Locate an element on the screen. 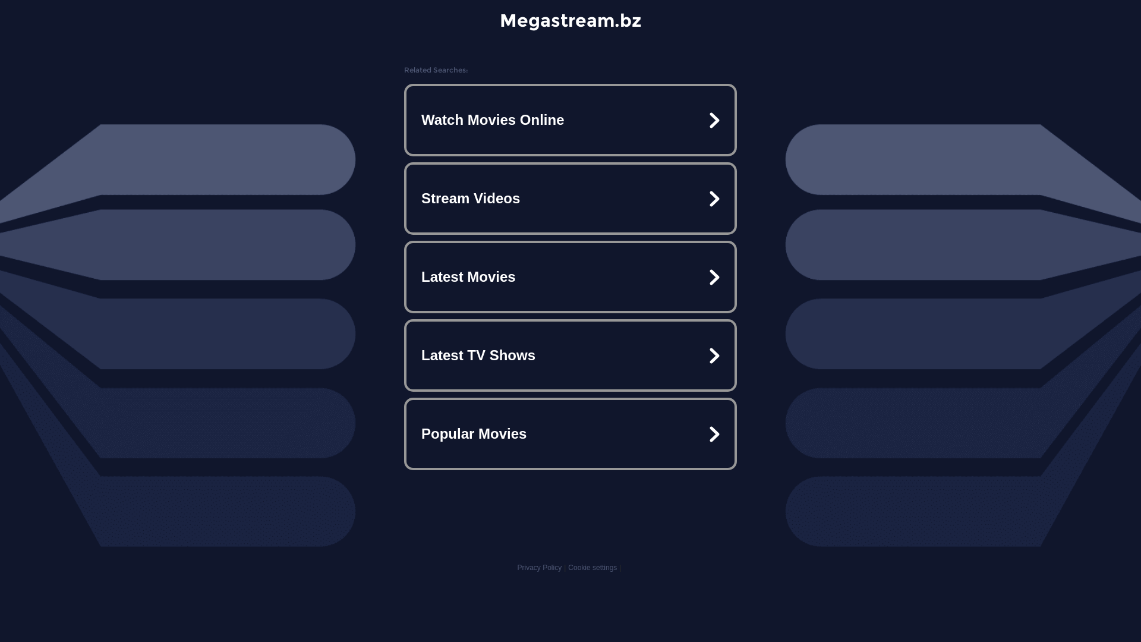 The image size is (1141, 642). 'Watch Movies Online' is located at coordinates (570, 119).